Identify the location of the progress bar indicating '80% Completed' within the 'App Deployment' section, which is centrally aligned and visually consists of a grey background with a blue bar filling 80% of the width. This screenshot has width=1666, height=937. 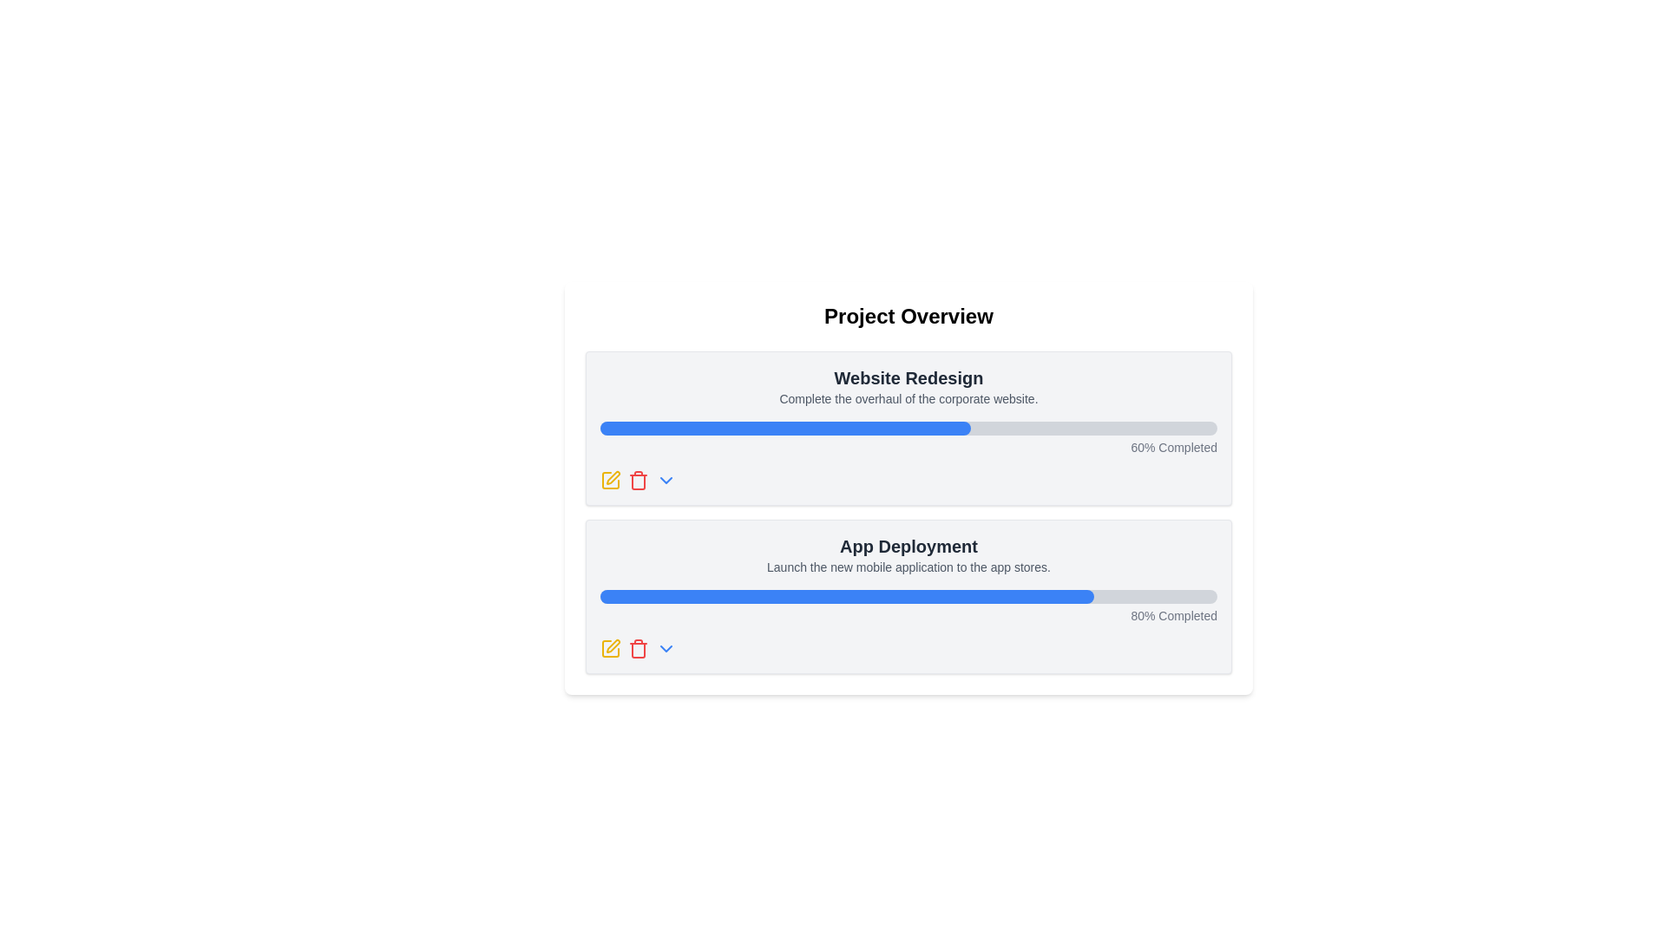
(908, 606).